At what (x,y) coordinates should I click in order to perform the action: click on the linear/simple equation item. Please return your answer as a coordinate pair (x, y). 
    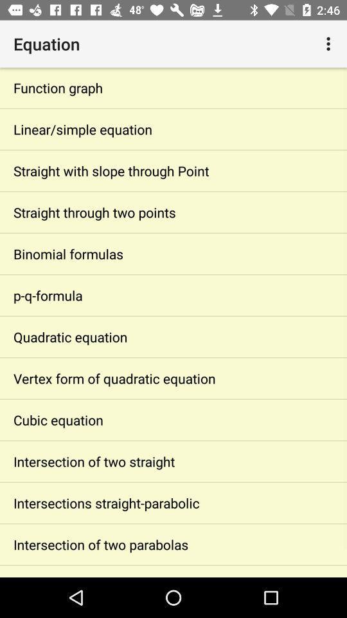
    Looking at the image, I should click on (173, 129).